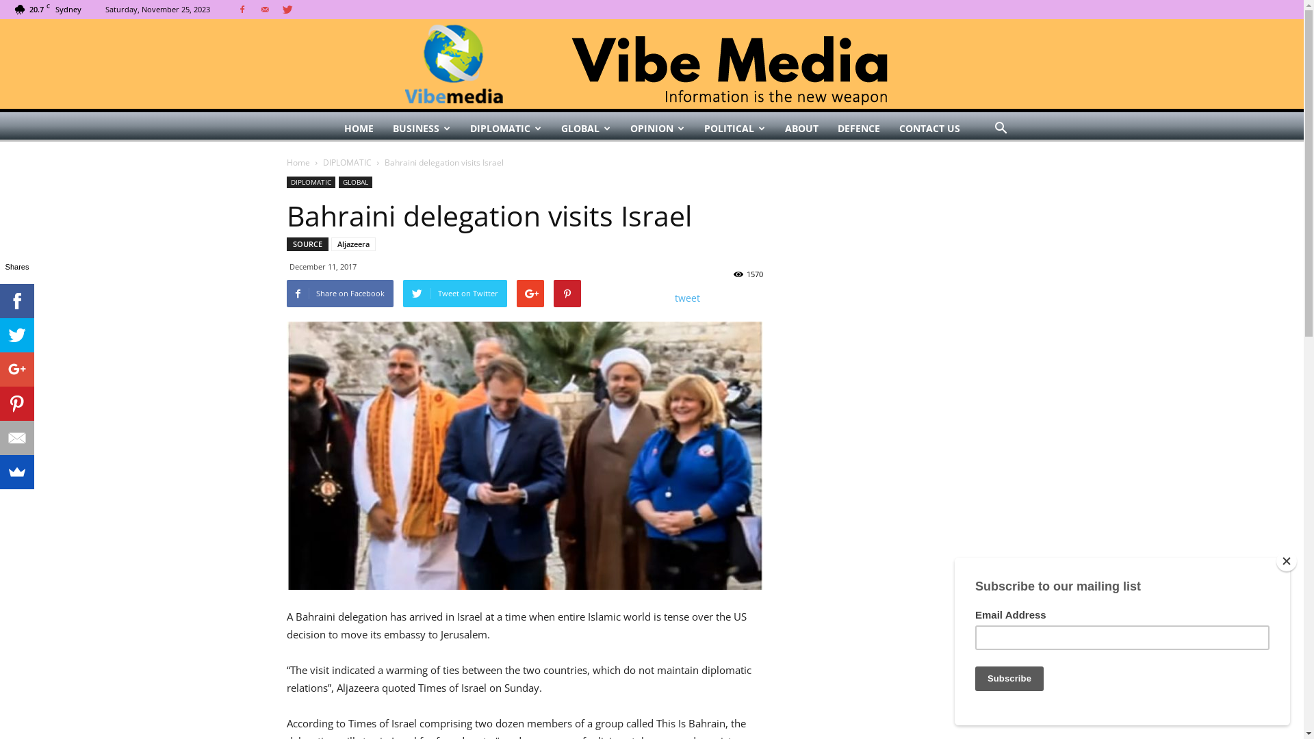 This screenshot has width=1314, height=739. Describe the element at coordinates (16, 471) in the screenshot. I see `'SumoMe'` at that location.